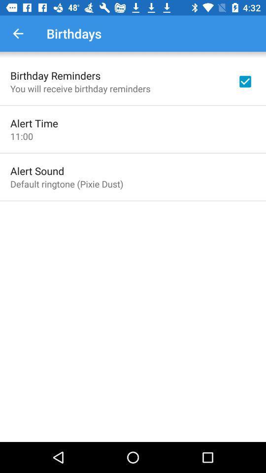  What do you see at coordinates (244, 81) in the screenshot?
I see `item at the top right corner` at bounding box center [244, 81].